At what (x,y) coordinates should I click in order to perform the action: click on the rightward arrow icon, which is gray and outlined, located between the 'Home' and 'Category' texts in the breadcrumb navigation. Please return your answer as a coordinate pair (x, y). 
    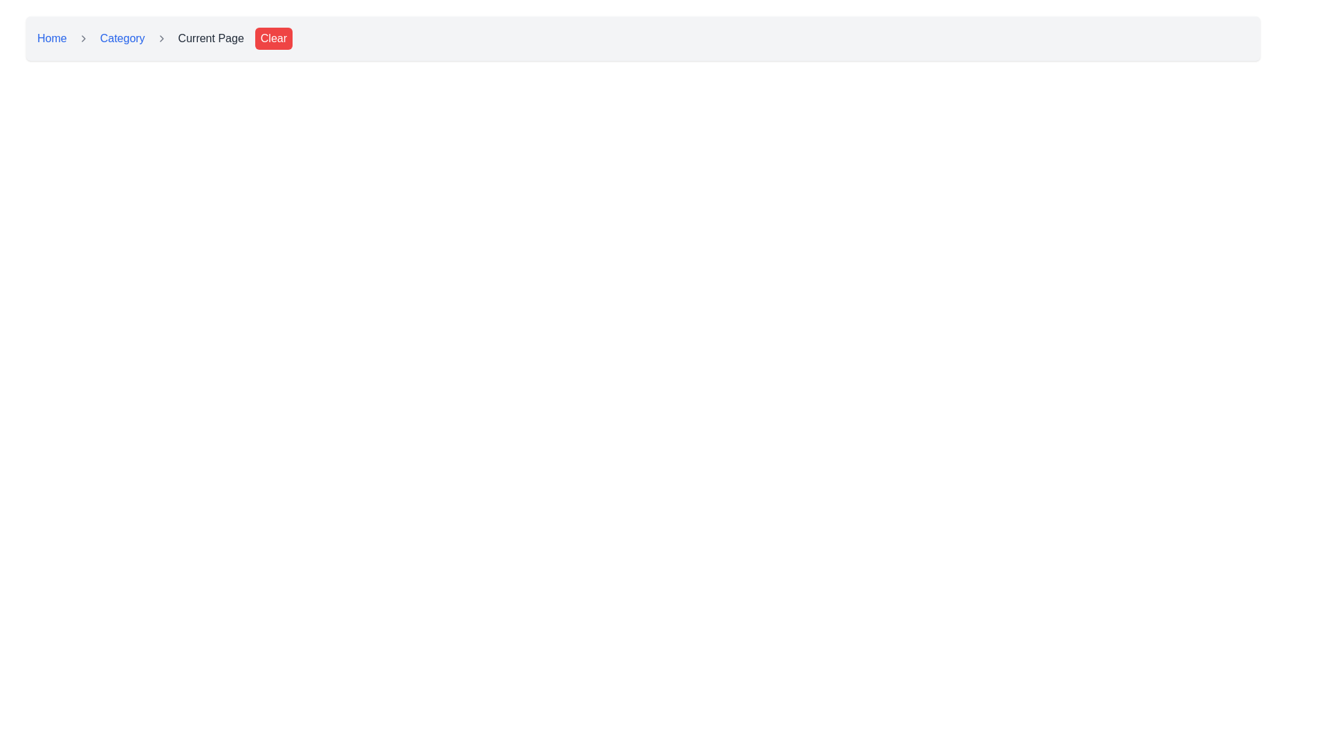
    Looking at the image, I should click on (82, 38).